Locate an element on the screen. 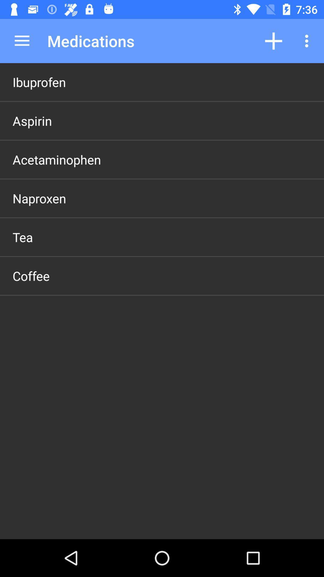 The height and width of the screenshot is (577, 324). coffee item is located at coordinates (31, 275).